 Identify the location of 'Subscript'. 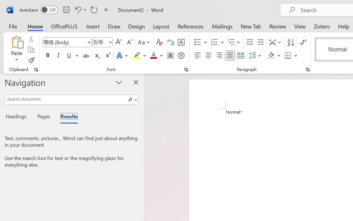
(97, 56).